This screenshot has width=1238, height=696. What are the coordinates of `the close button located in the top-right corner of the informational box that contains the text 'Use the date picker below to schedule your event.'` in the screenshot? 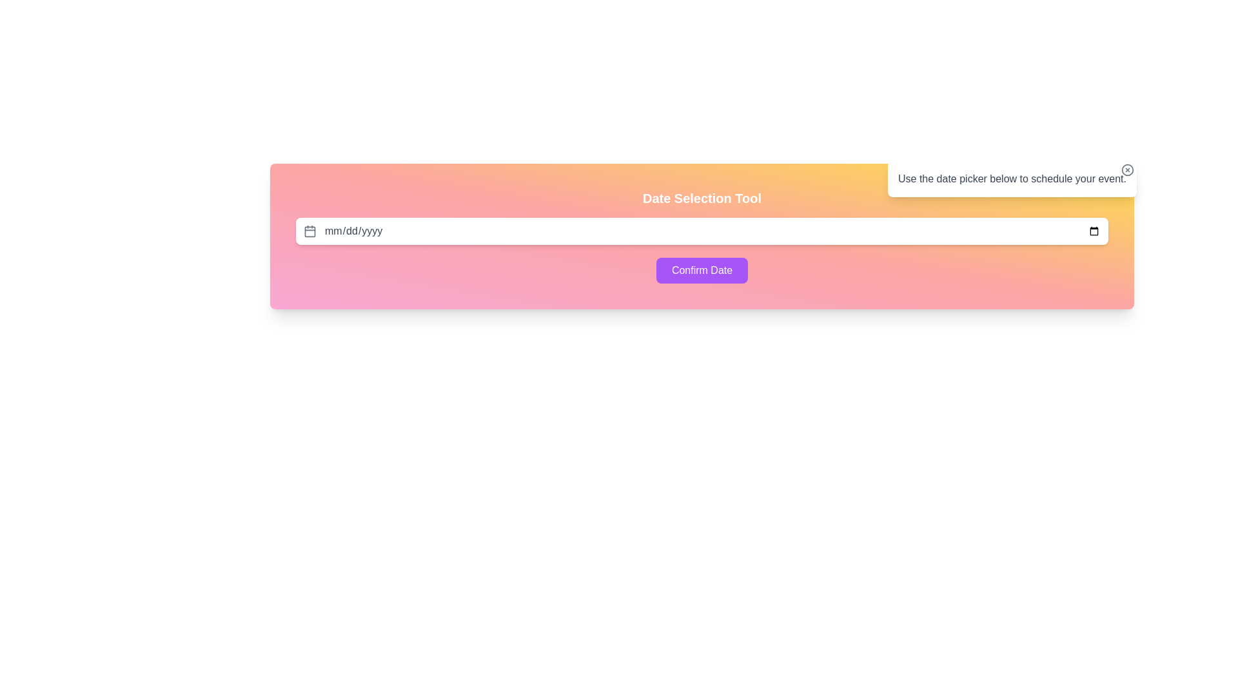 It's located at (1126, 169).